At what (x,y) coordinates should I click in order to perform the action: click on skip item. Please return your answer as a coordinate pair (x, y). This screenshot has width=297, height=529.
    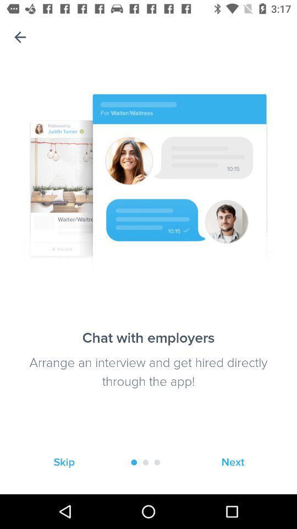
    Looking at the image, I should click on (64, 462).